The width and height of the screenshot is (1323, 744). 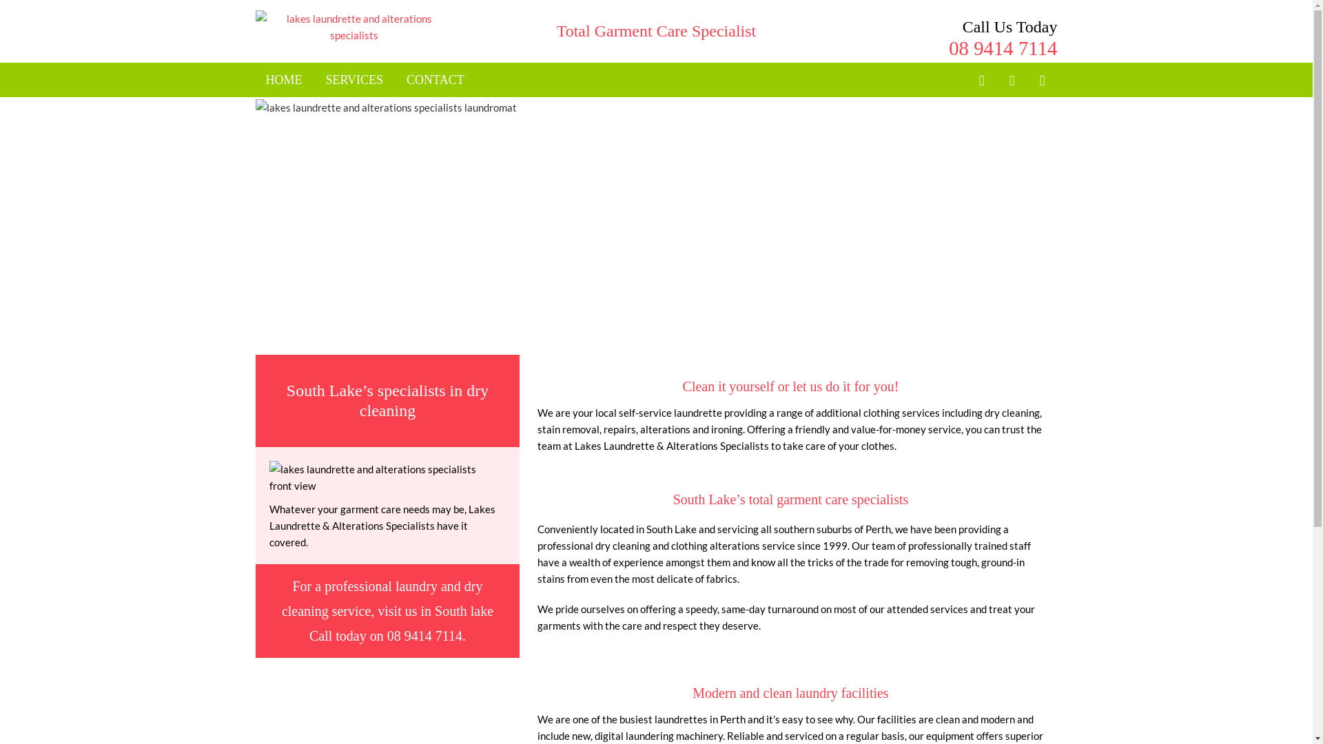 I want to click on '08 9414 7114', so click(x=1003, y=47).